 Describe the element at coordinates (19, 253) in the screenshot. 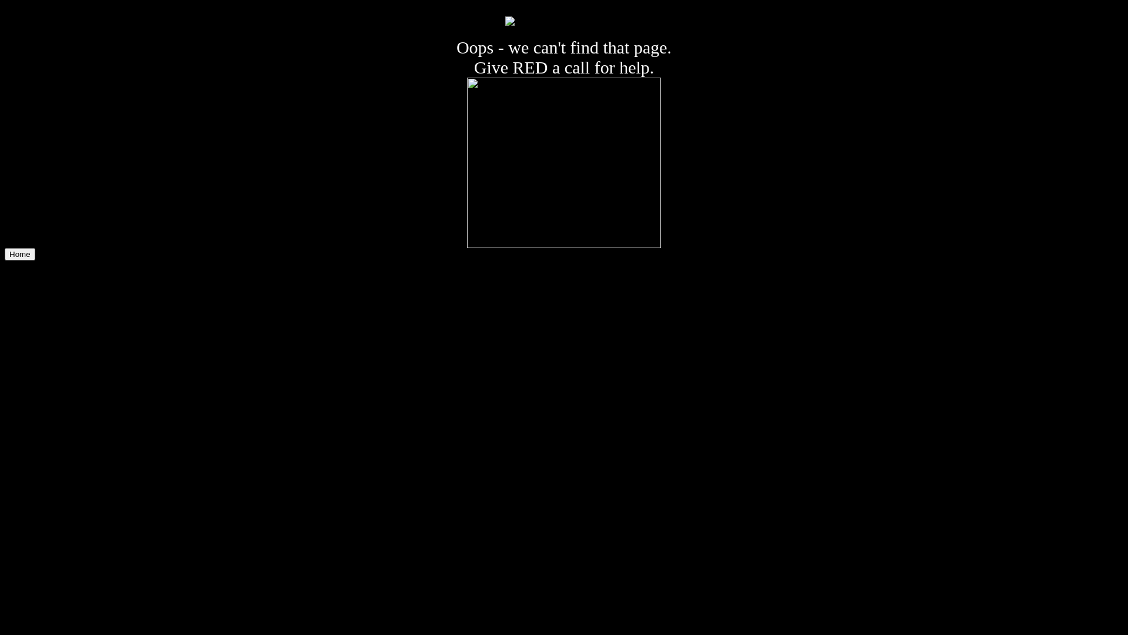

I see `'Home'` at that location.